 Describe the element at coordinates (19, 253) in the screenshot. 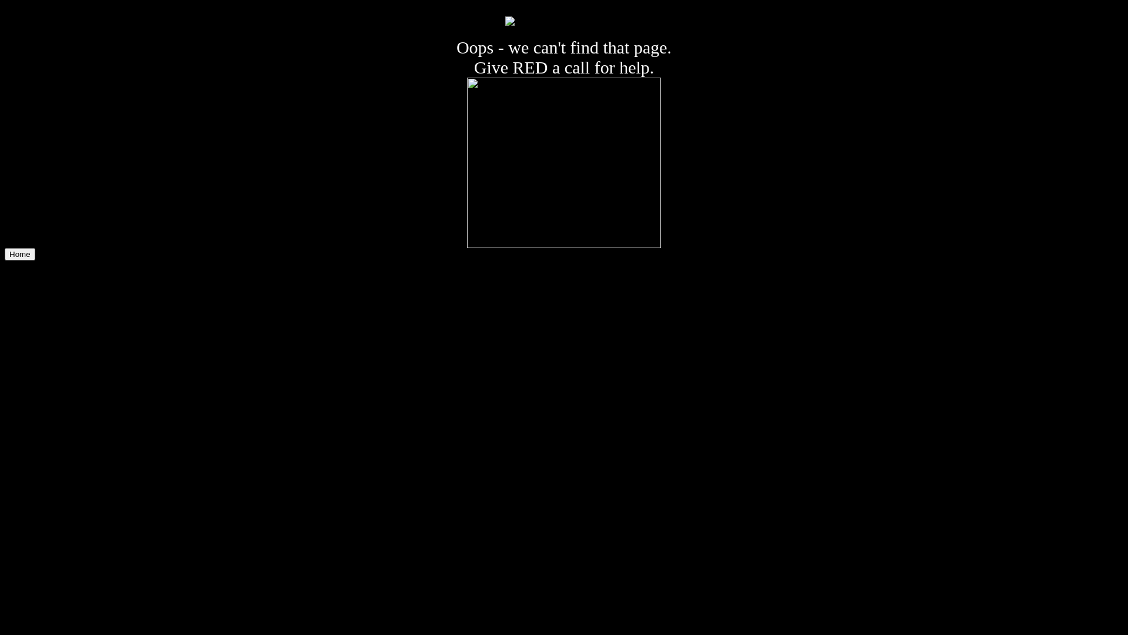

I see `'Home'` at that location.